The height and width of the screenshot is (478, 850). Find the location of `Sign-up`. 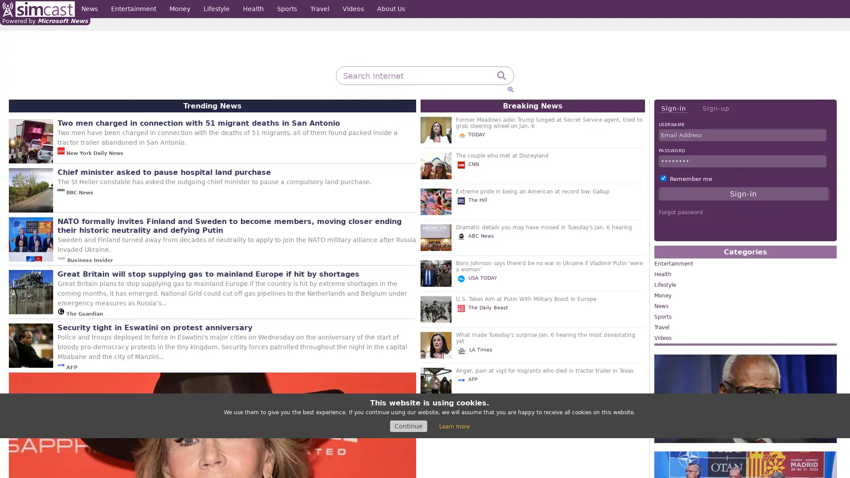

Sign-up is located at coordinates (715, 108).